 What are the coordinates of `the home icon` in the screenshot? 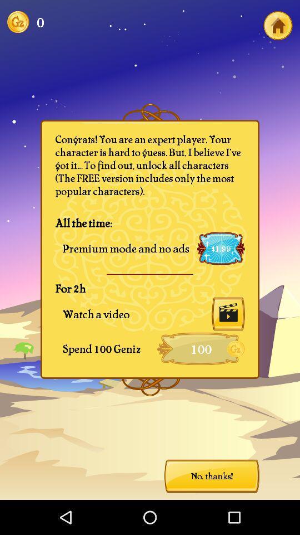 It's located at (277, 27).